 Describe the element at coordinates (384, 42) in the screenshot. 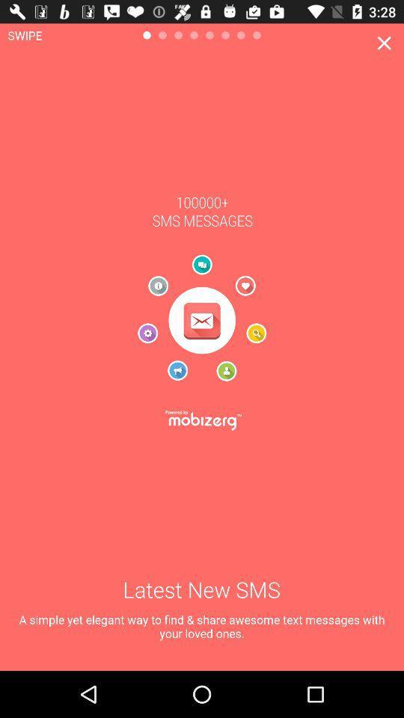

I see `the window` at that location.